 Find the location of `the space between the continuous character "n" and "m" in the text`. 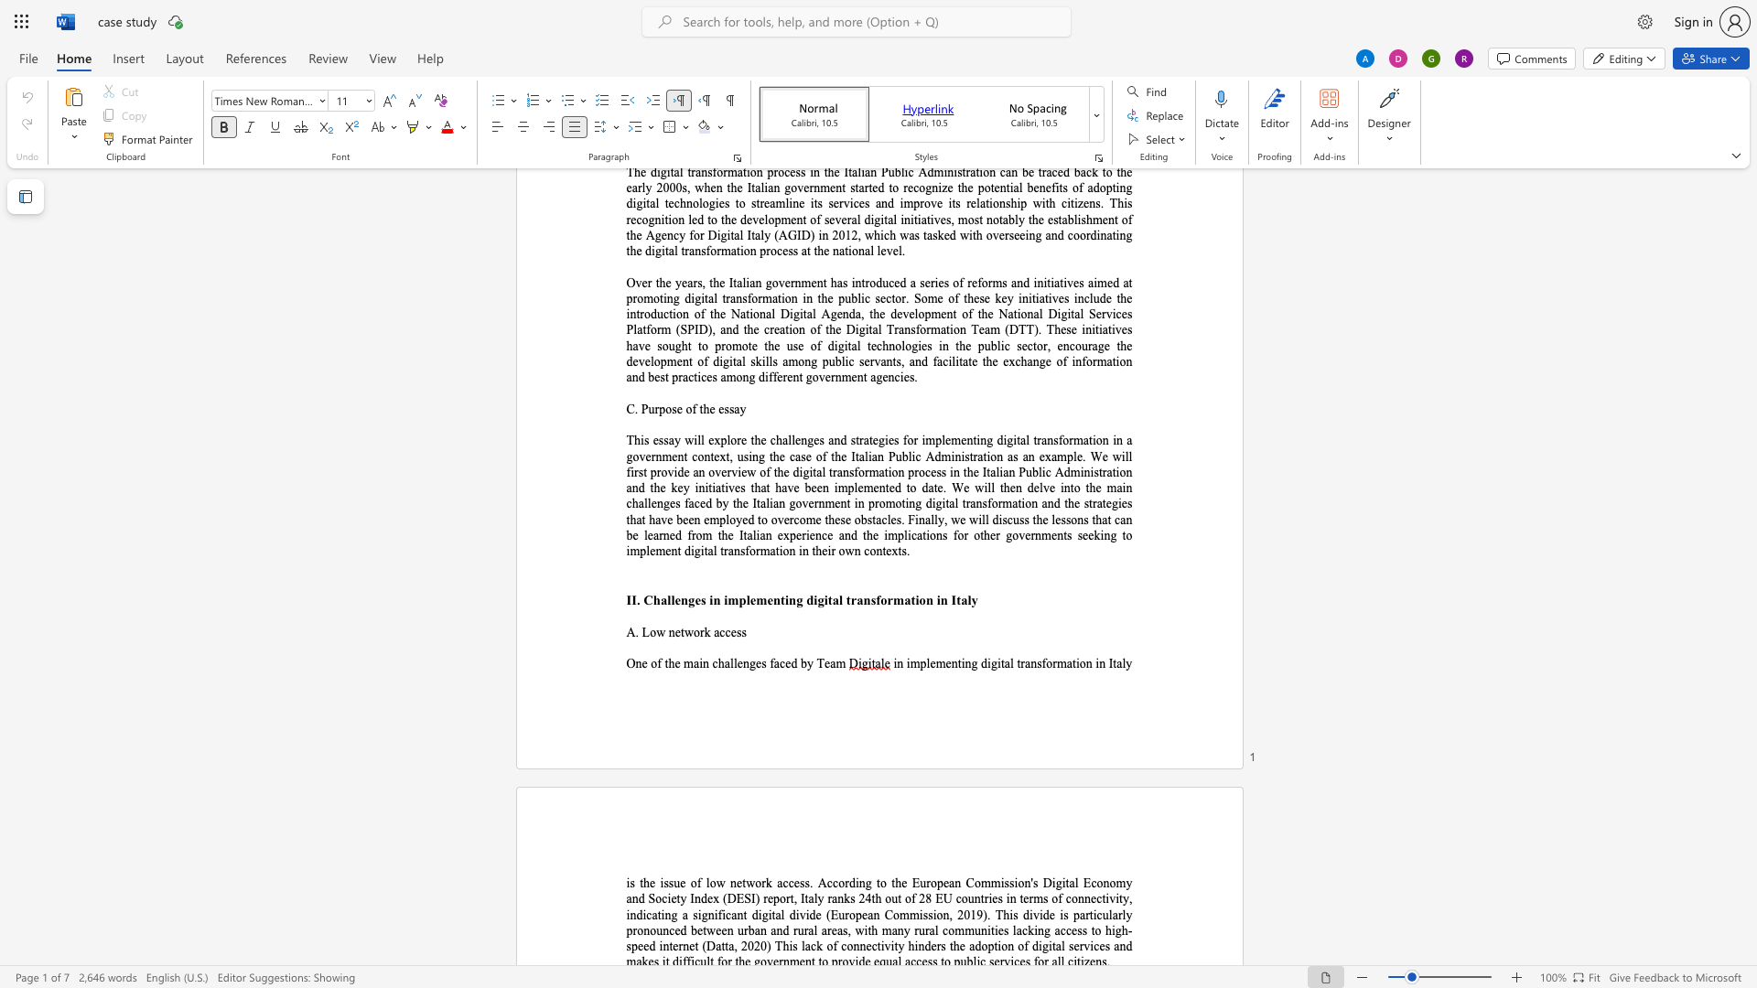

the space between the continuous character "n" and "m" in the text is located at coordinates (1041, 535).